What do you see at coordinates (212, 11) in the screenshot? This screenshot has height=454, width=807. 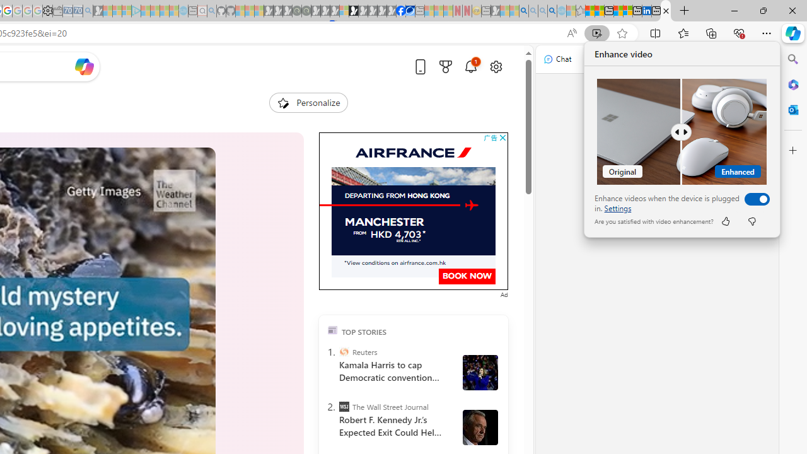 I see `'github - Search - Sleeping'` at bounding box center [212, 11].